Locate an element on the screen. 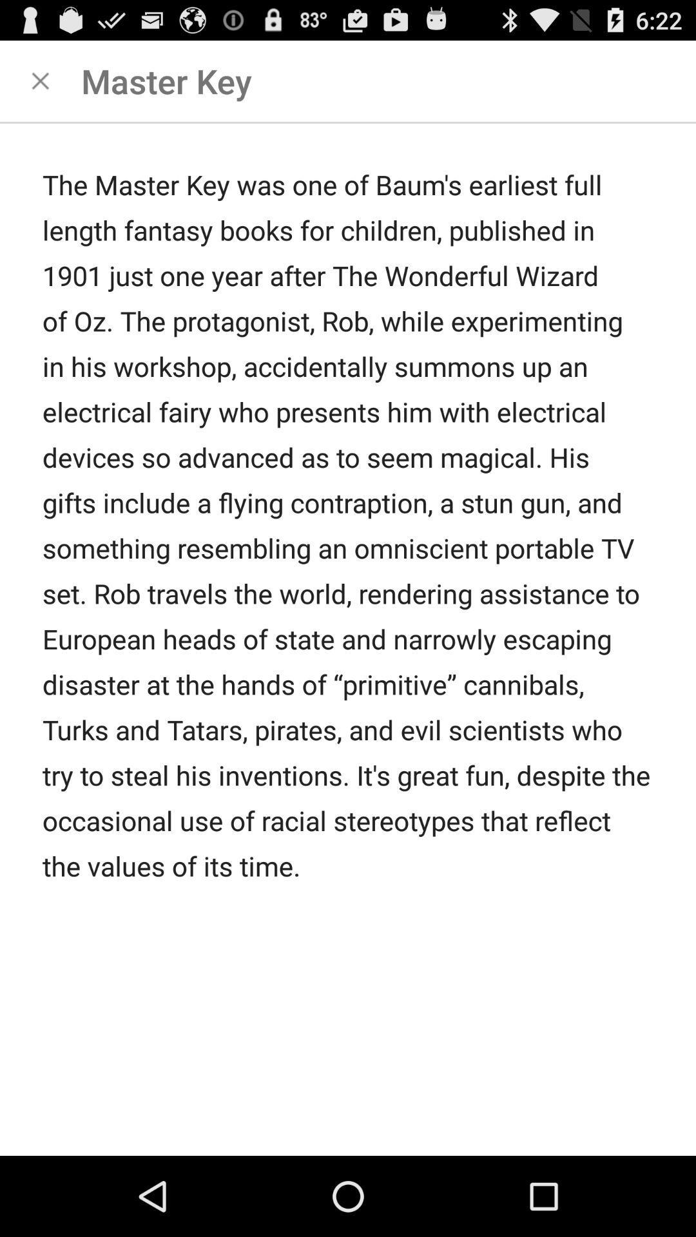 The image size is (696, 1237). icon at the top left corner is located at coordinates (39, 80).